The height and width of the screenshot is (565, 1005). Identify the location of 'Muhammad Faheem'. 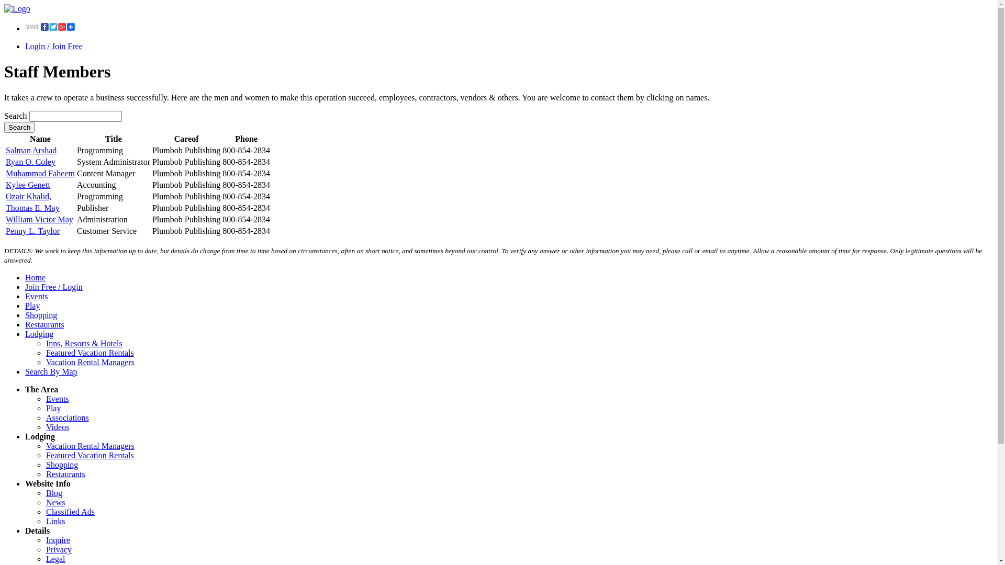
(40, 173).